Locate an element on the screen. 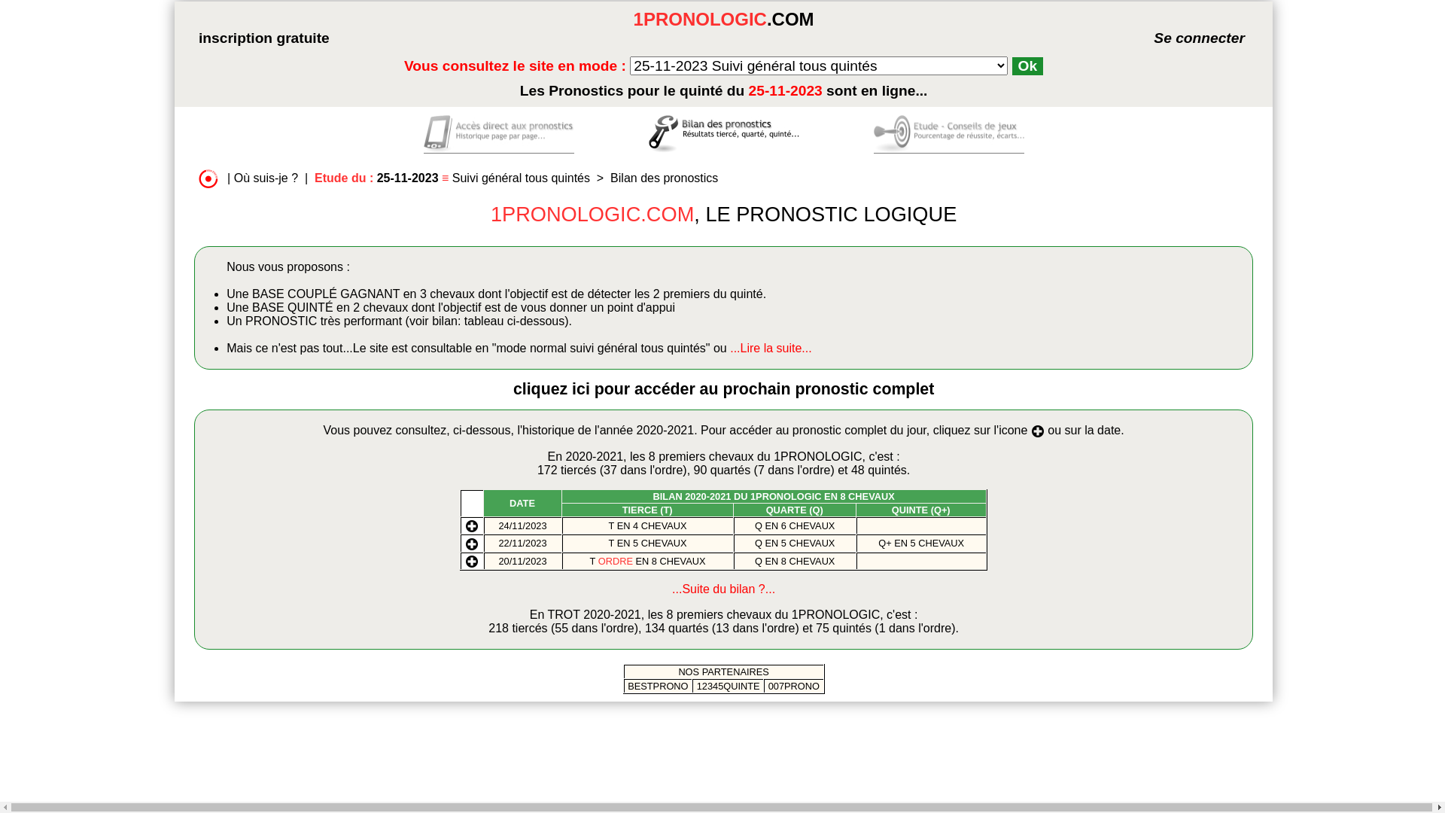 The image size is (1445, 813). 'inscription gratuite' is located at coordinates (263, 37).